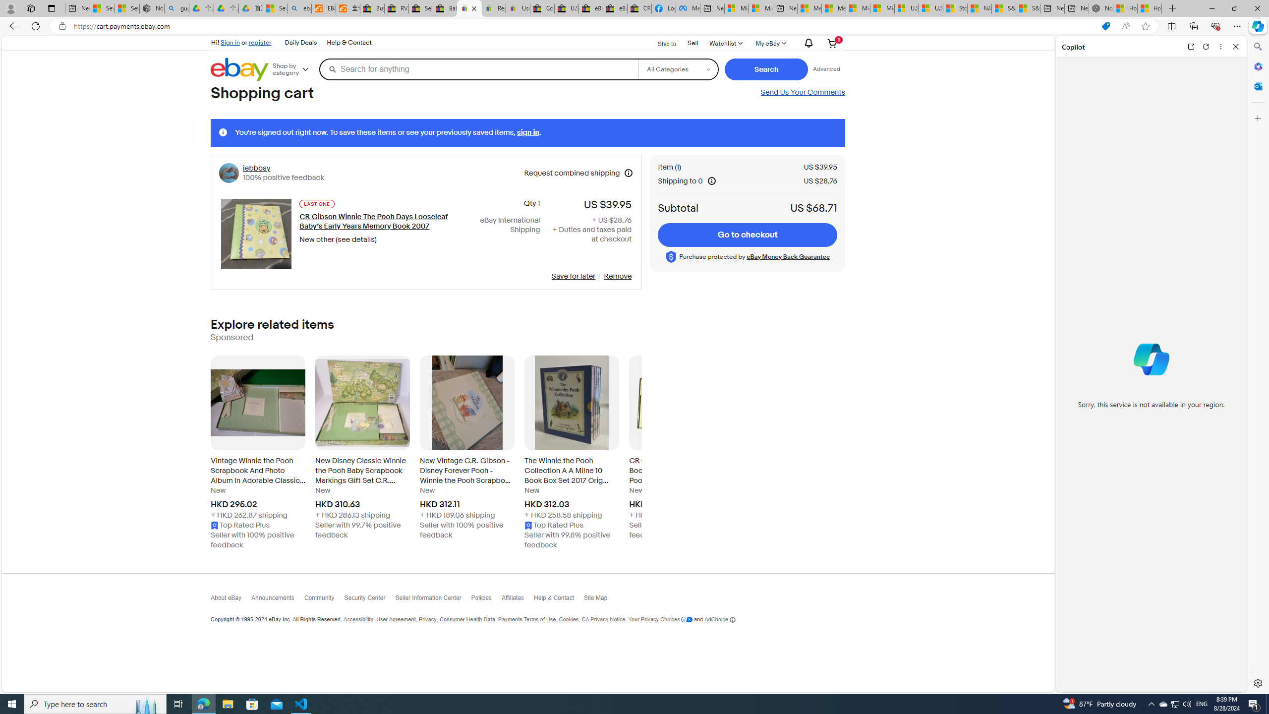  Describe the element at coordinates (230, 600) in the screenshot. I see `'About eBay'` at that location.